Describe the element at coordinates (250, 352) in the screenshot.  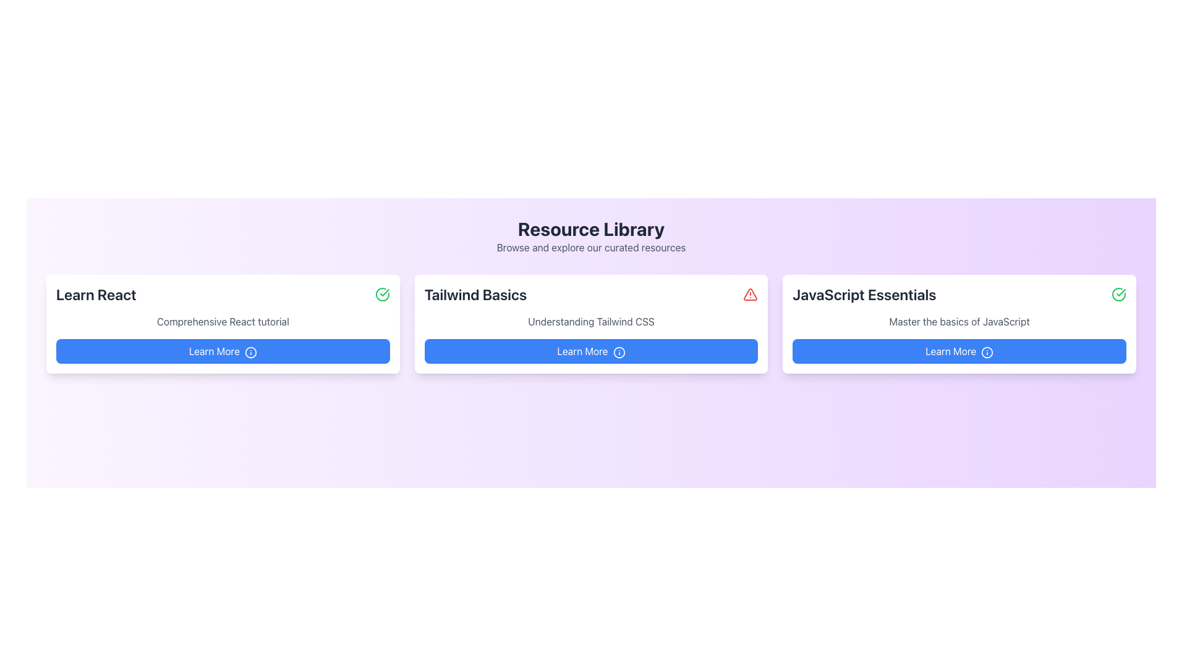
I see `the information icon located on the right end of the 'Learn More' button in the 'Learn React' card` at that location.